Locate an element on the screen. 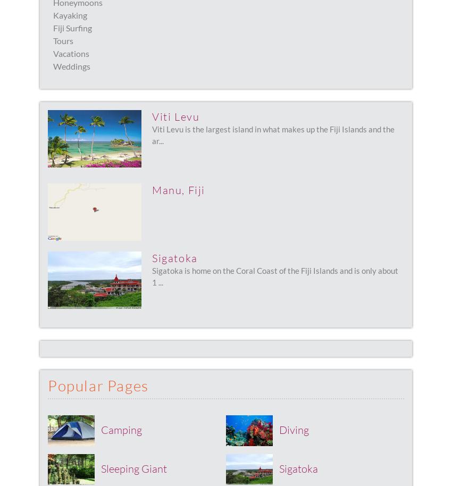  'Weddings' is located at coordinates (71, 66).